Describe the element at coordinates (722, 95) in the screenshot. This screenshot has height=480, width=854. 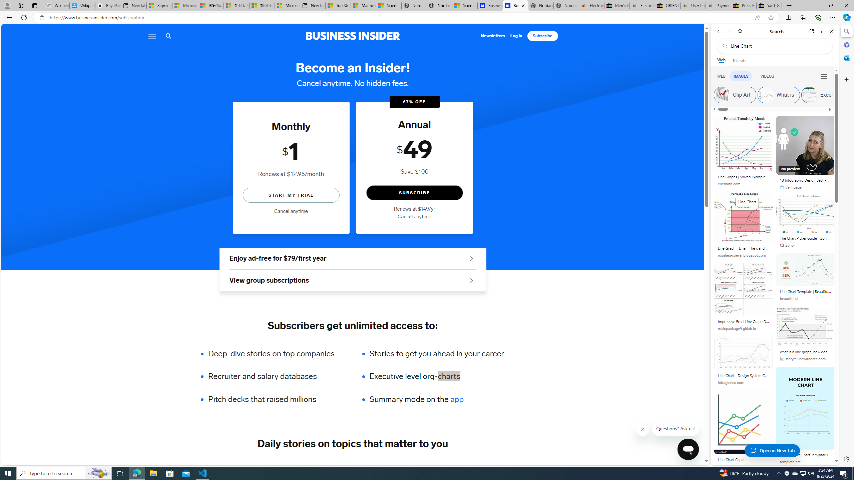
I see `'Clip Art'` at that location.